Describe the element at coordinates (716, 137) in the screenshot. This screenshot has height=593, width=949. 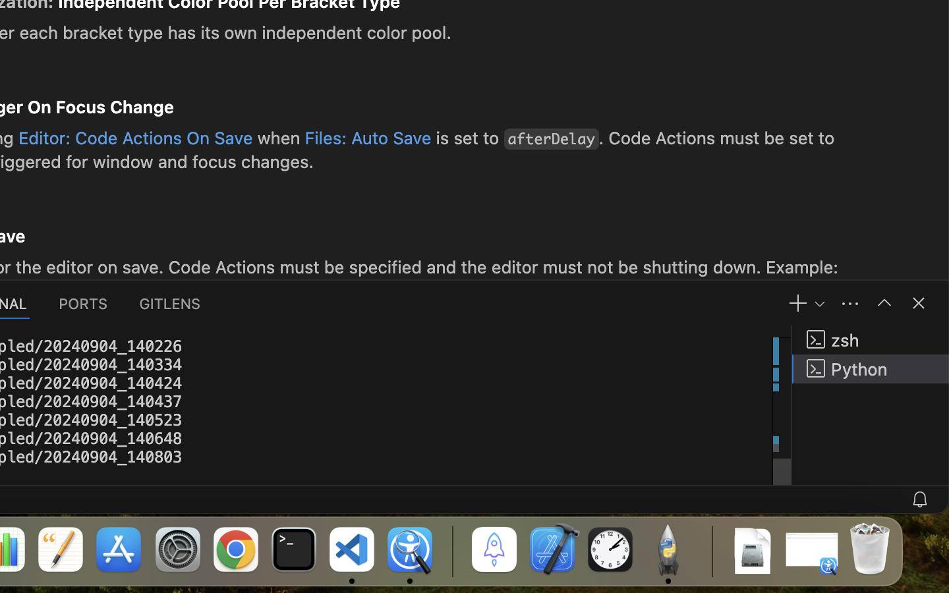
I see `'. Code Actions must be set to'` at that location.